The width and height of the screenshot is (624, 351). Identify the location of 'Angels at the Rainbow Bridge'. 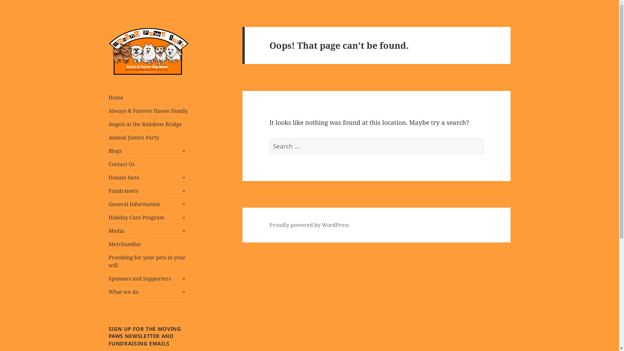
(148, 124).